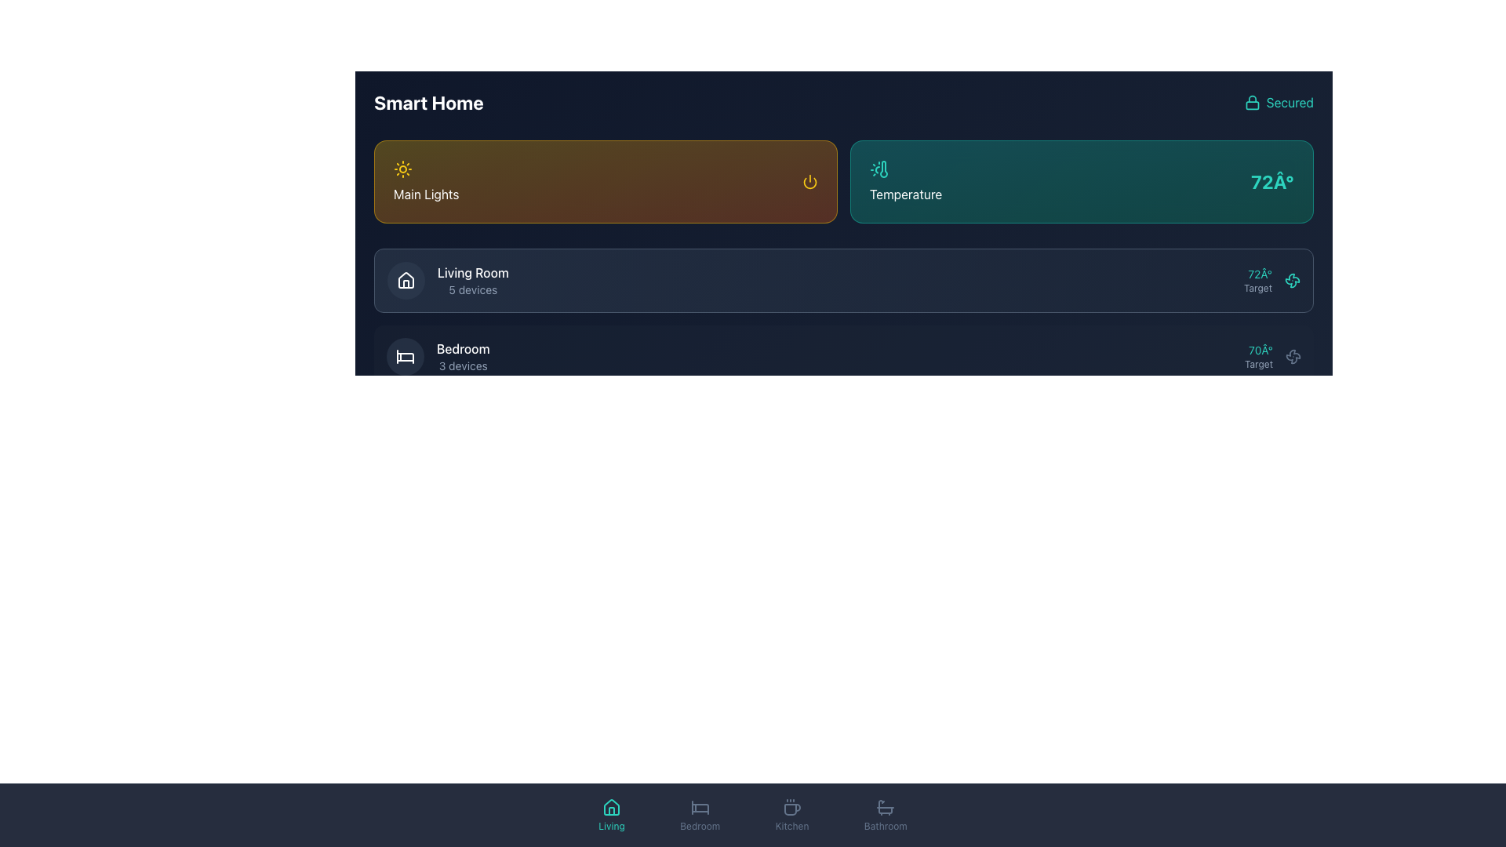 This screenshot has width=1506, height=847. I want to click on the coffee mug icon located in the bottom navigation bar under the 'Kitchen' label, so click(792, 809).